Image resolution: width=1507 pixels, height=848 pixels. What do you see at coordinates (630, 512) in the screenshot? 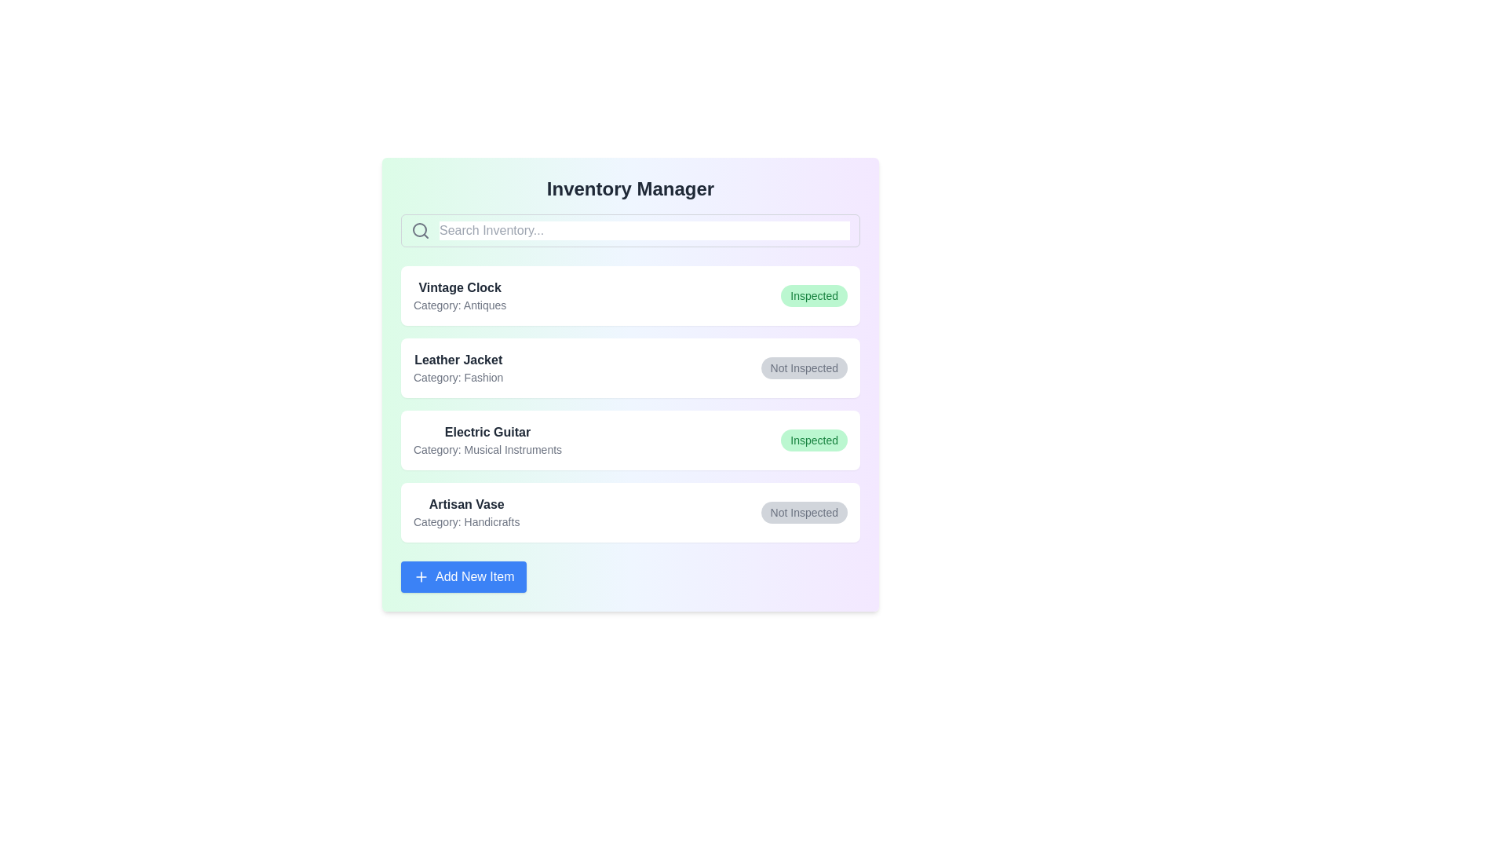
I see `the item details for Artisan Vase` at bounding box center [630, 512].